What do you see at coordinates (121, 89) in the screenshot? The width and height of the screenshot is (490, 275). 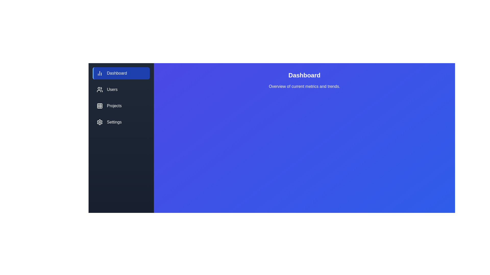 I see `the Users tab to observe visual feedback` at bounding box center [121, 89].